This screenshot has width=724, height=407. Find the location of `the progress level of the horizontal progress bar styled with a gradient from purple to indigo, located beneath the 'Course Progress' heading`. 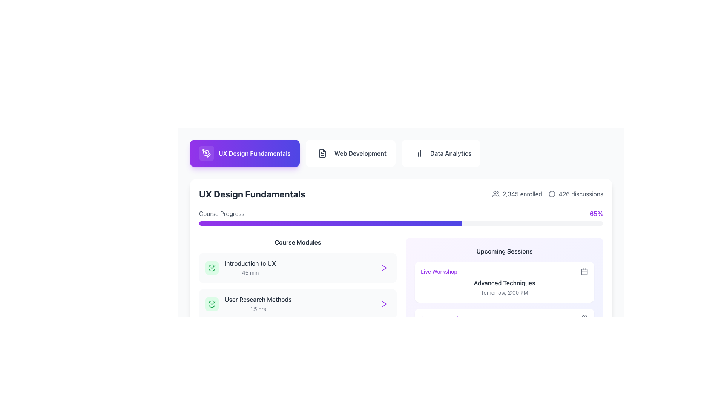

the progress level of the horizontal progress bar styled with a gradient from purple to indigo, located beneath the 'Course Progress' heading is located at coordinates (330, 223).